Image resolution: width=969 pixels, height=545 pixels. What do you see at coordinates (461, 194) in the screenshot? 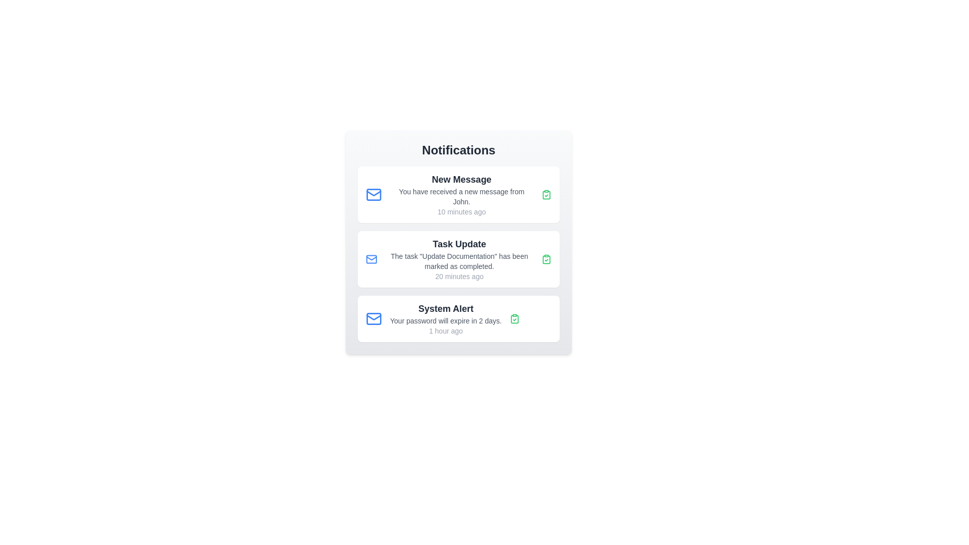
I see `the notification text to select it` at bounding box center [461, 194].